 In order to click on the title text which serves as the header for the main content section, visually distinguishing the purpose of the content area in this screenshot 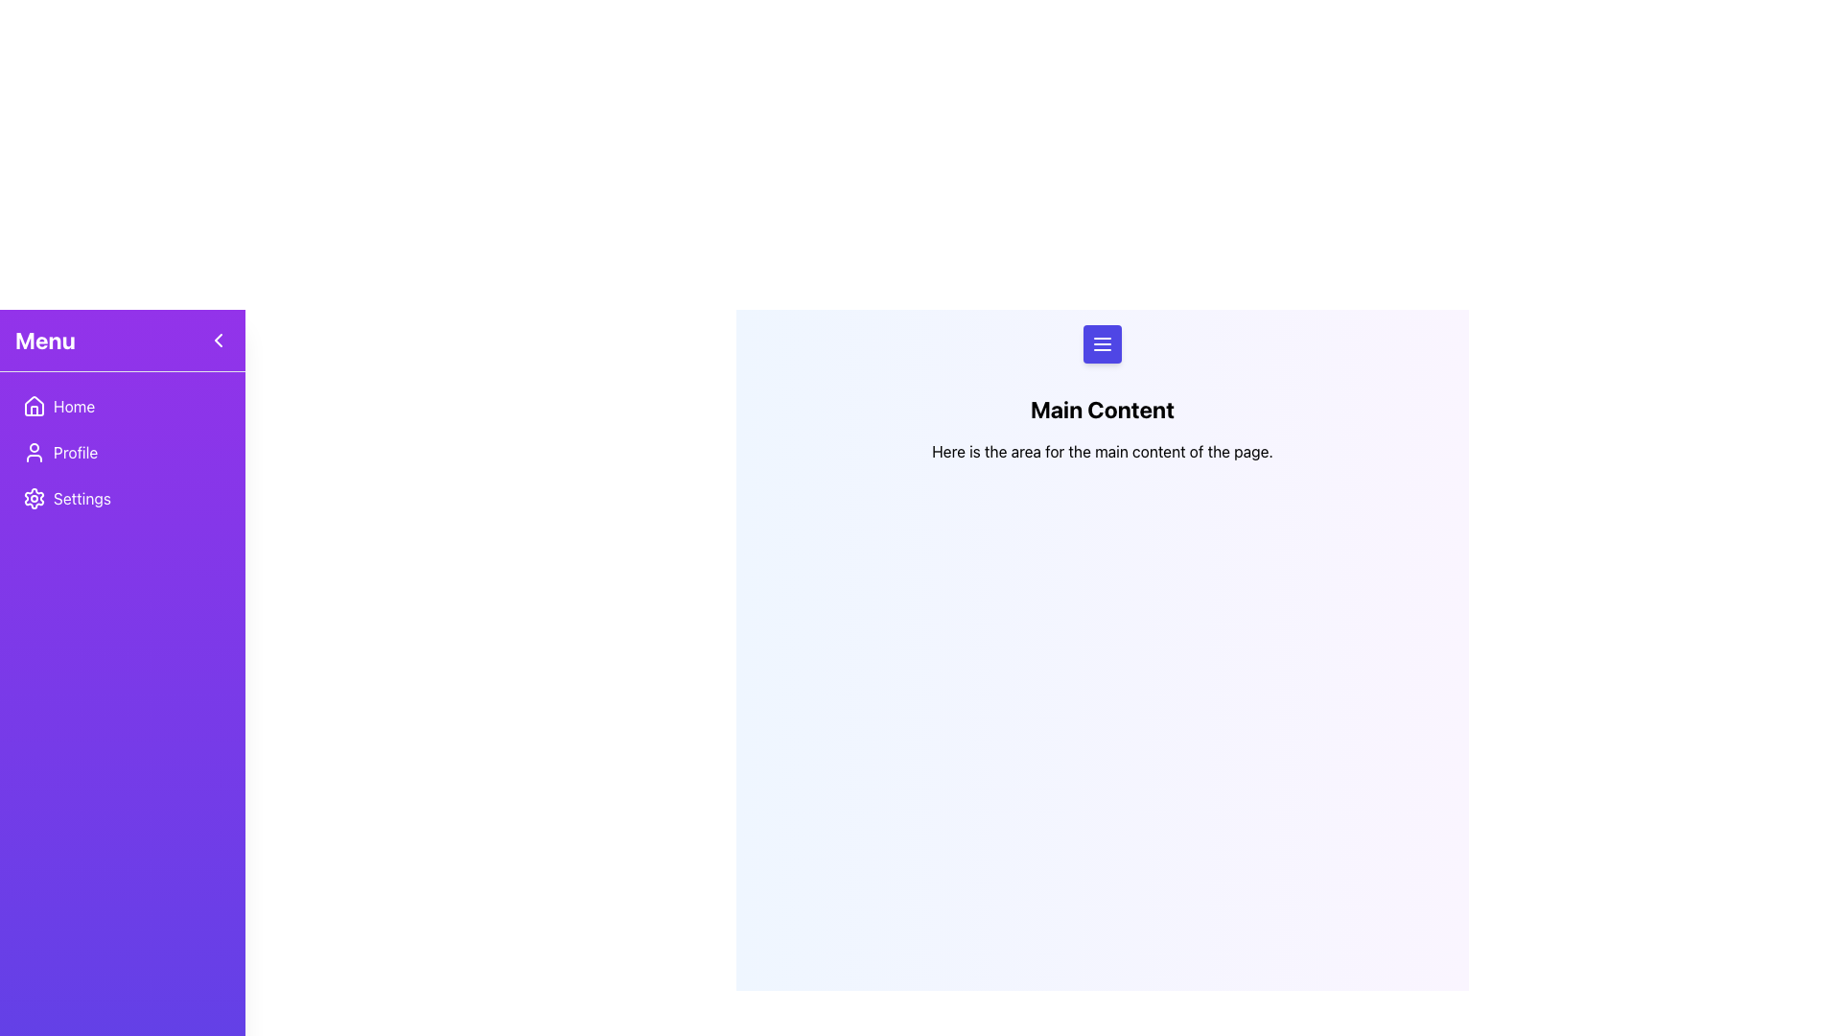, I will do `click(1103, 409)`.